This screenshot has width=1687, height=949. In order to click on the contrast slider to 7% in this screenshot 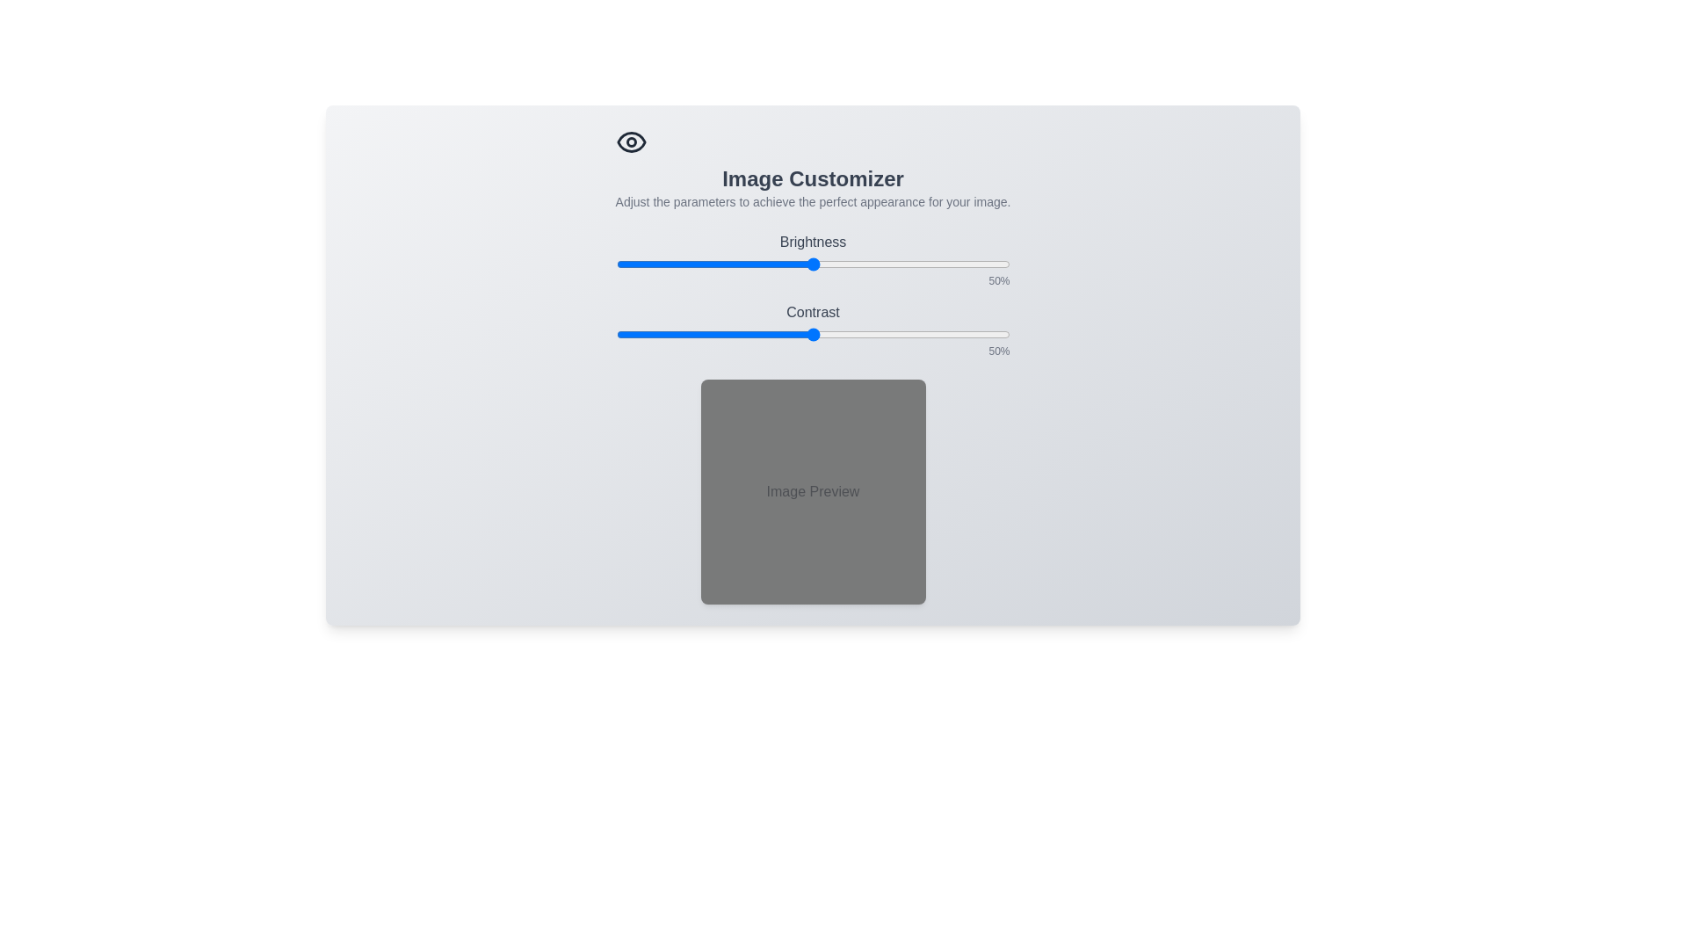, I will do `click(642, 335)`.